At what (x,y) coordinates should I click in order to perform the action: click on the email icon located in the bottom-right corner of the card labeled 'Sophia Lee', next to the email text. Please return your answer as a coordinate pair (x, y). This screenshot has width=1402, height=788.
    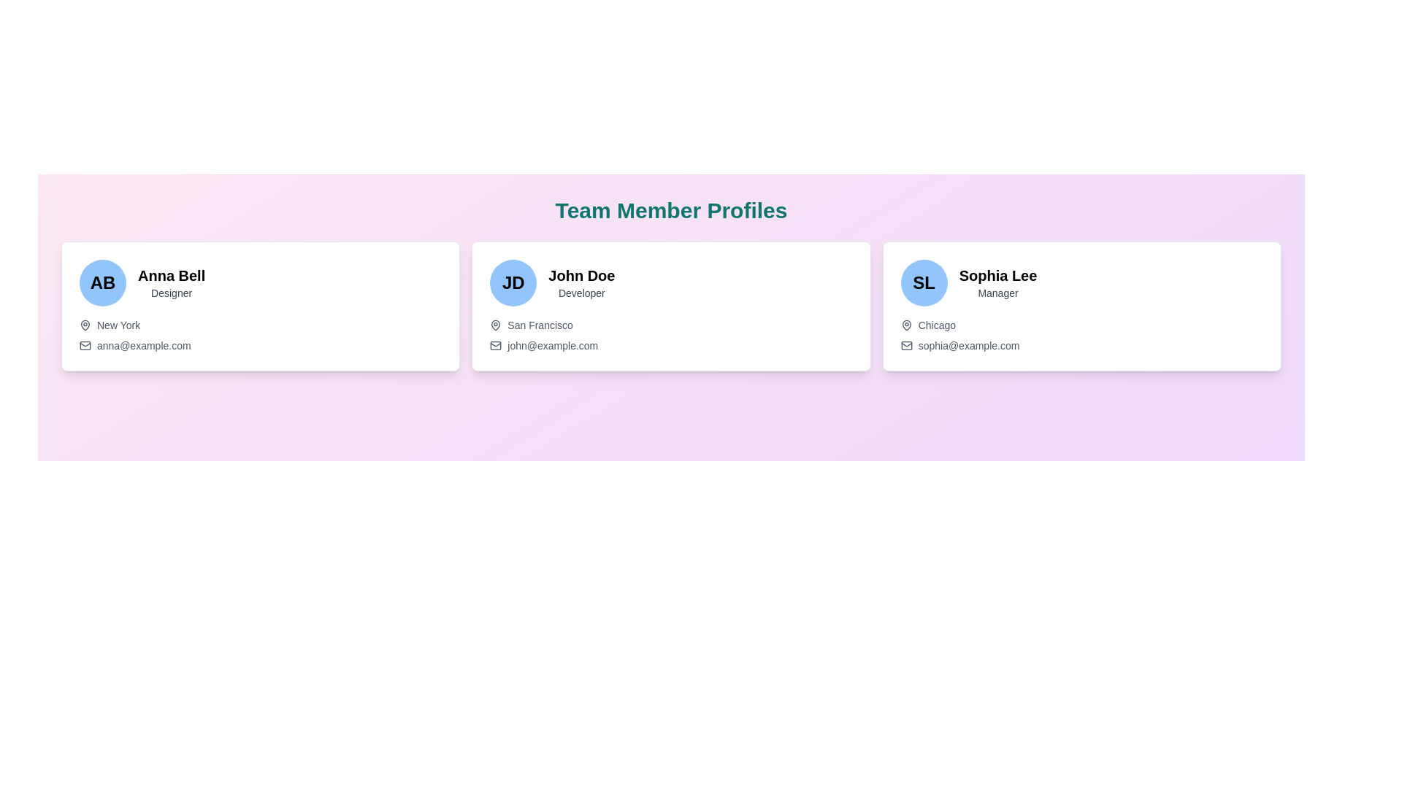
    Looking at the image, I should click on (905, 346).